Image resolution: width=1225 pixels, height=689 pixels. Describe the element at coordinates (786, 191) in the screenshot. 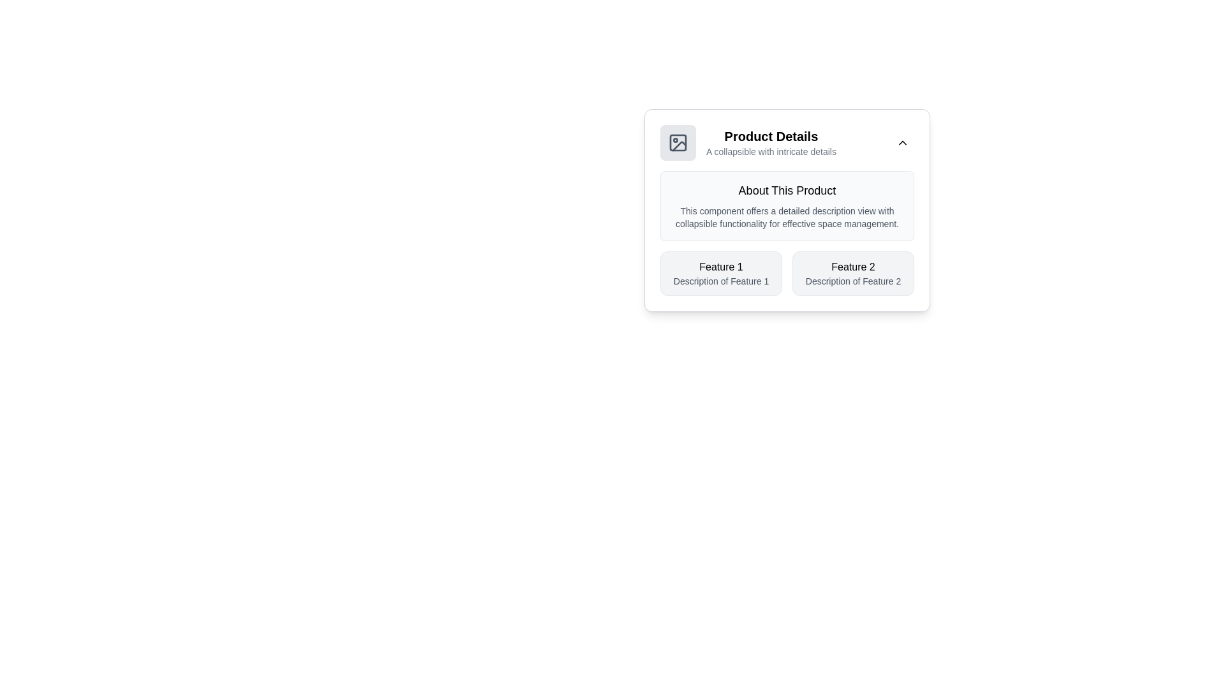

I see `the text label displaying 'About This Product' which is located in the central card component titled 'Product Details'` at that location.